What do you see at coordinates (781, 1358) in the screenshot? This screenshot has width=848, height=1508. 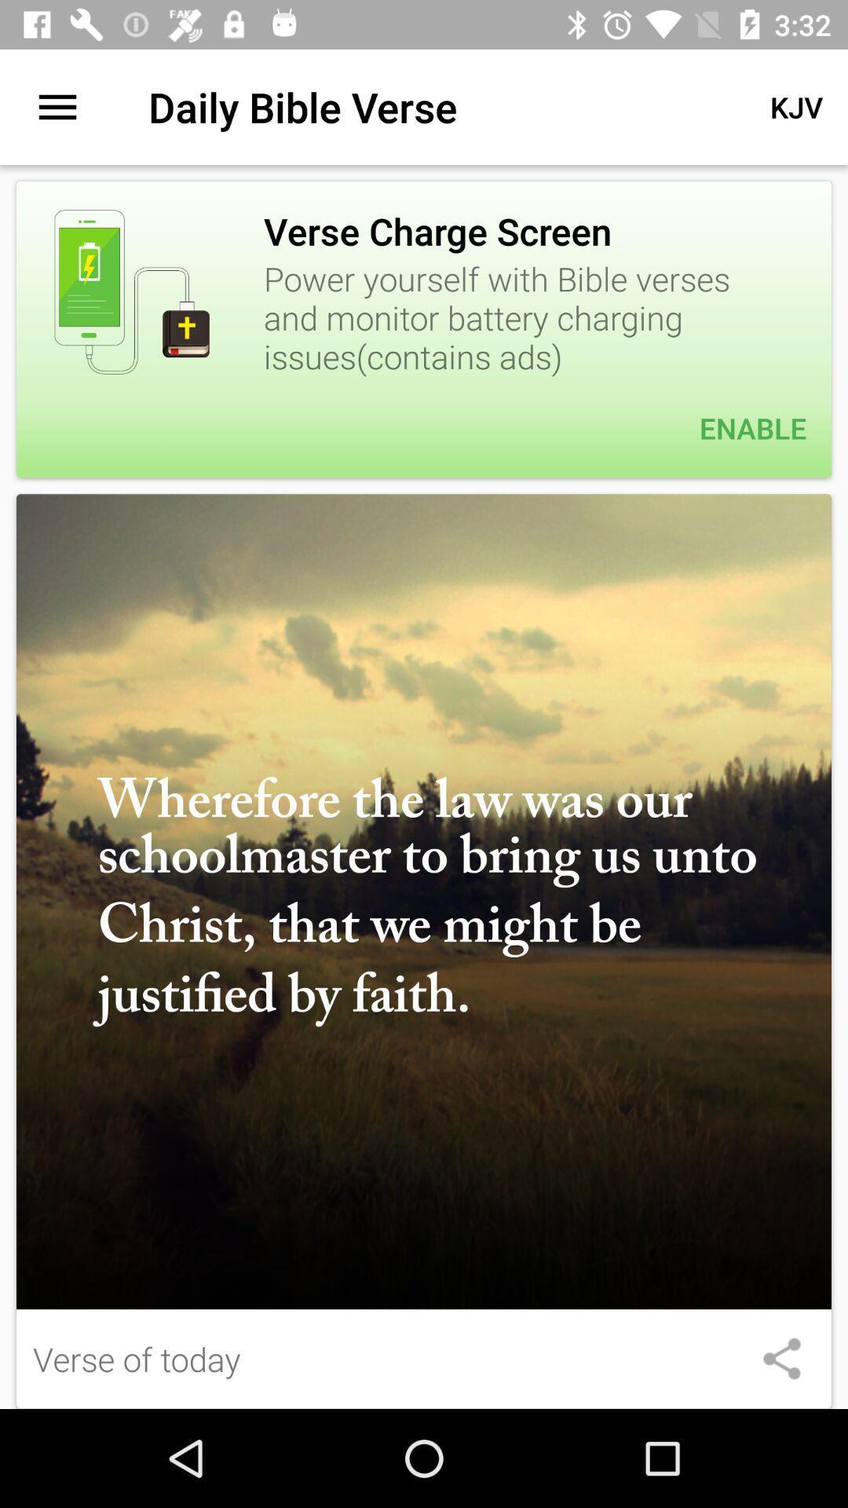 I see `share content` at bounding box center [781, 1358].